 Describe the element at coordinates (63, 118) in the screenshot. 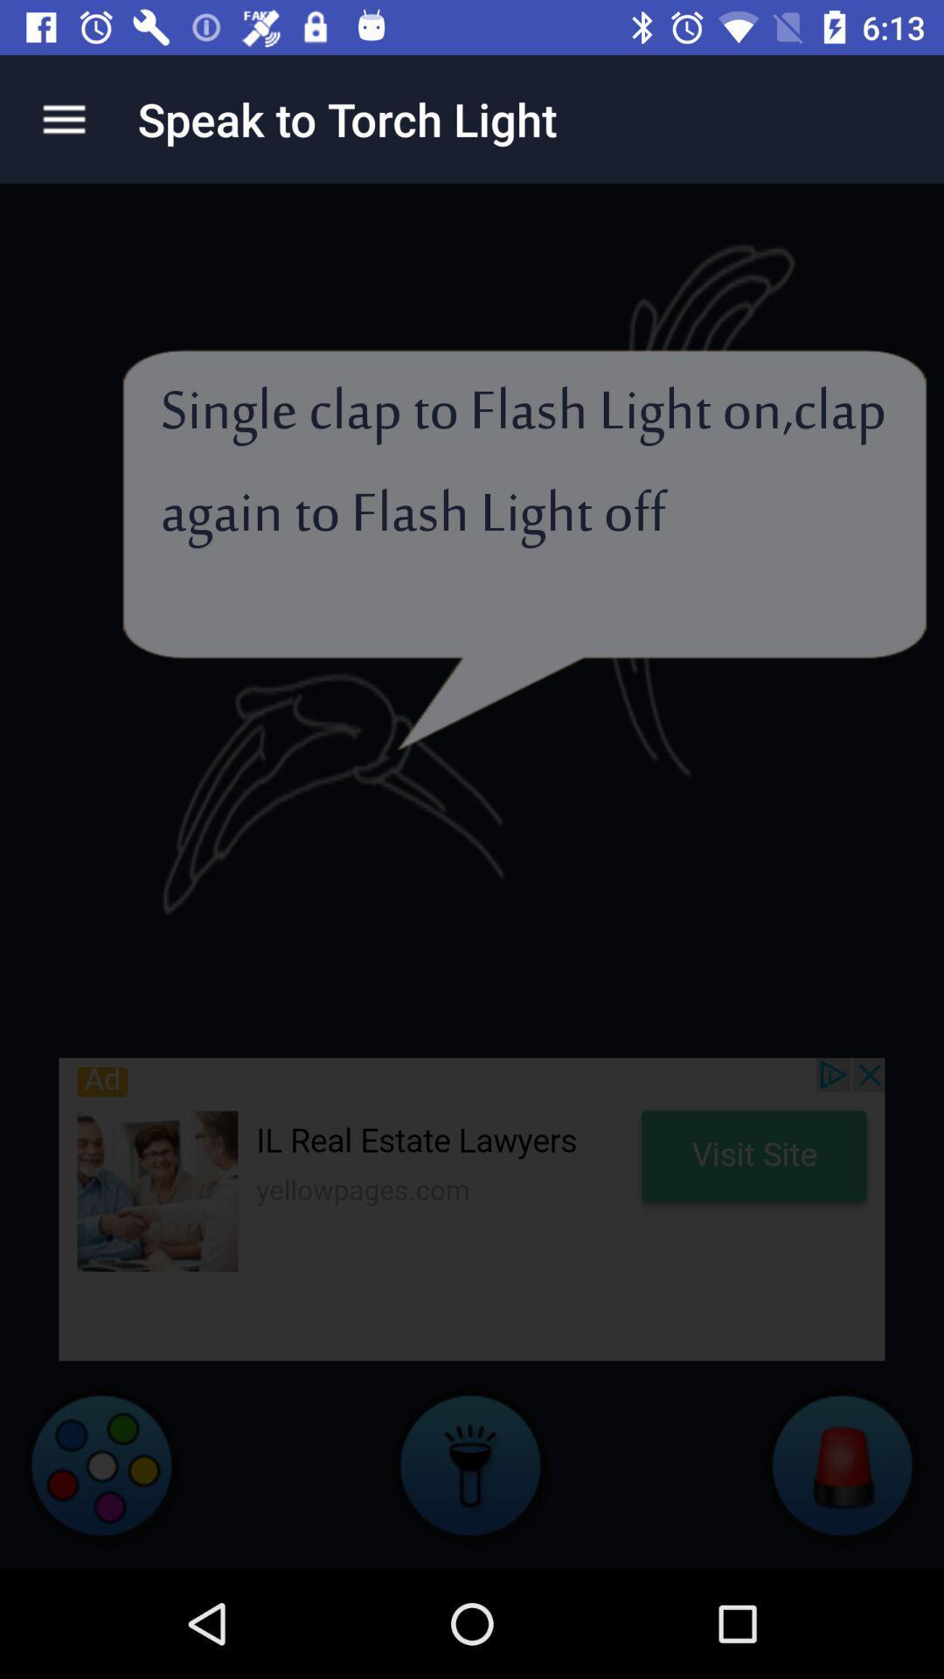

I see `menu` at that location.